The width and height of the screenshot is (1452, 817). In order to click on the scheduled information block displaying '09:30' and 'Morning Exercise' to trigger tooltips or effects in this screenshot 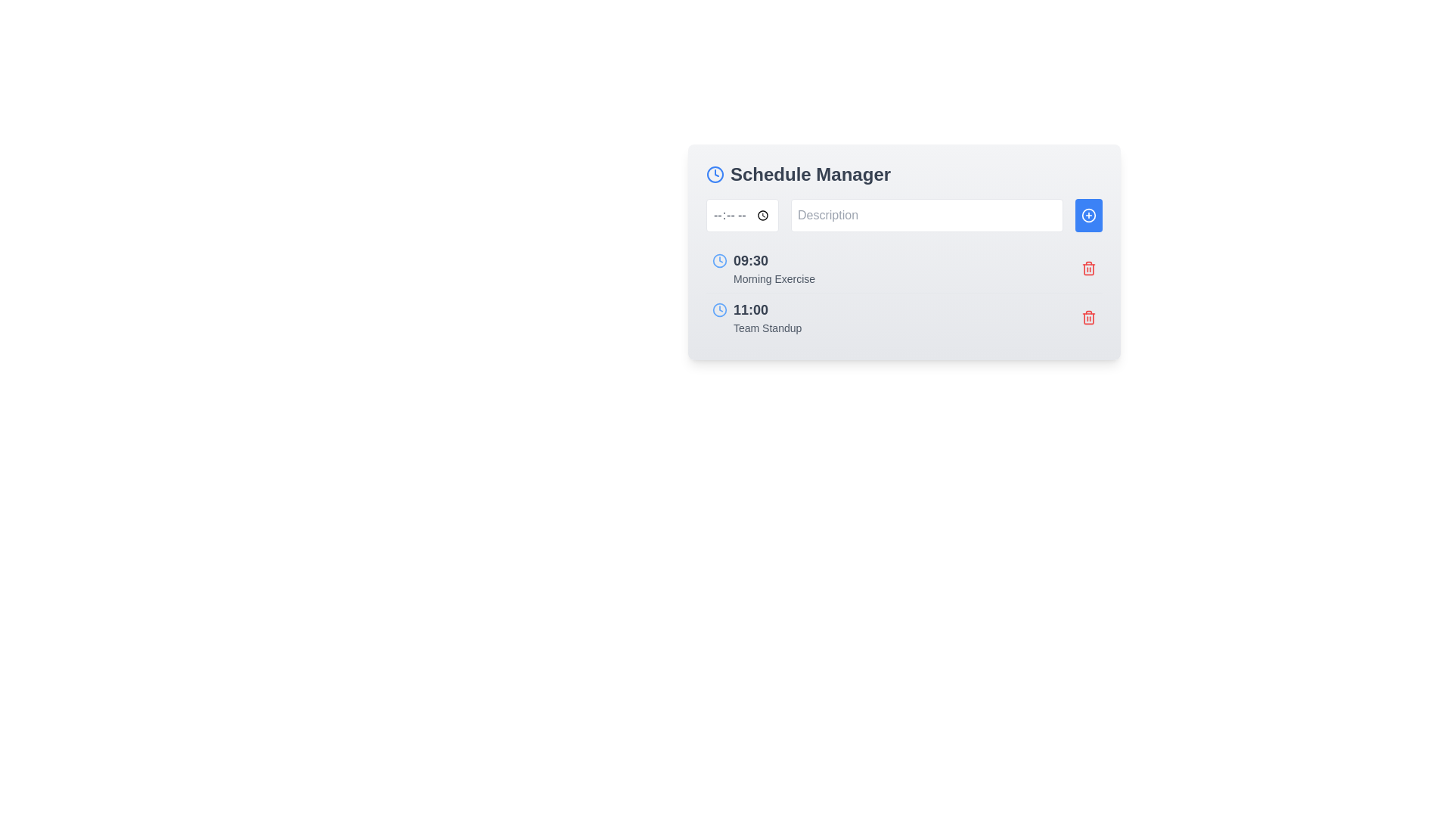, I will do `click(904, 267)`.